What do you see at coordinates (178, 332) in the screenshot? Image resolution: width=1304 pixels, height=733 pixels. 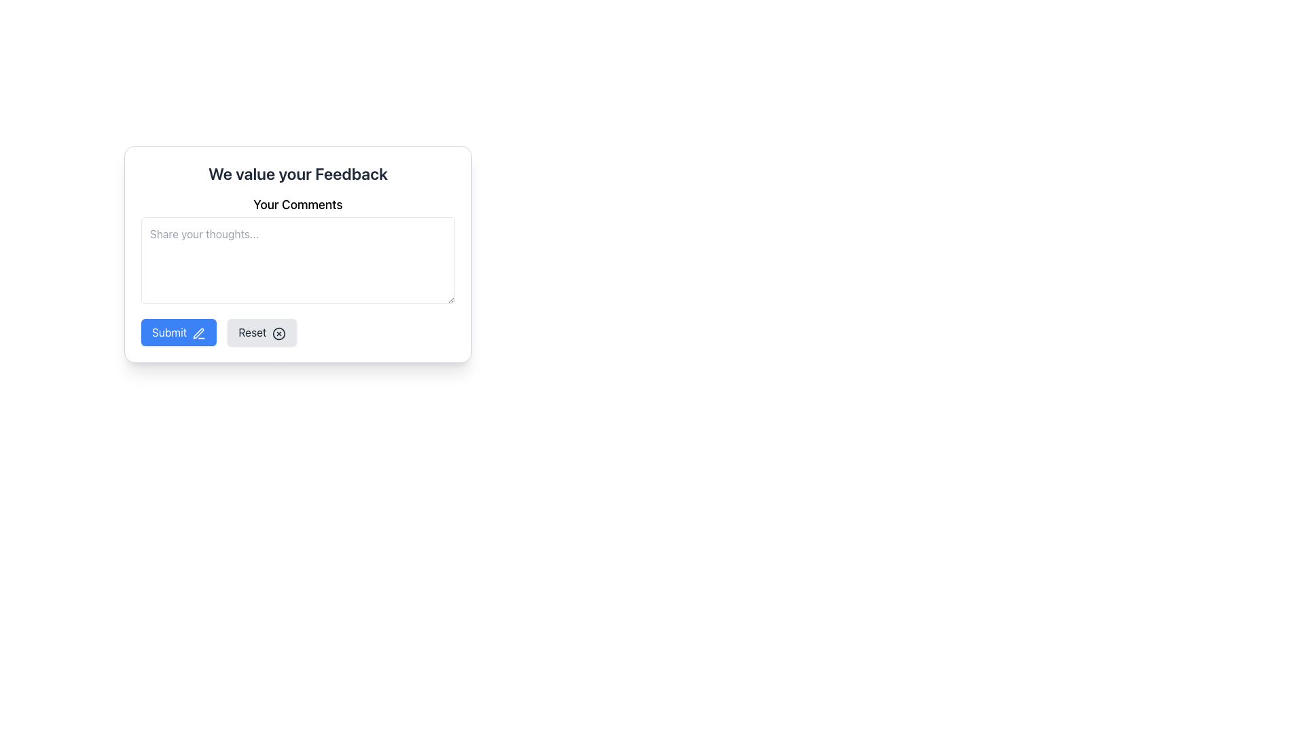 I see `the submit button located on the left side of the Reset button at the bottom of the feedback form` at bounding box center [178, 332].